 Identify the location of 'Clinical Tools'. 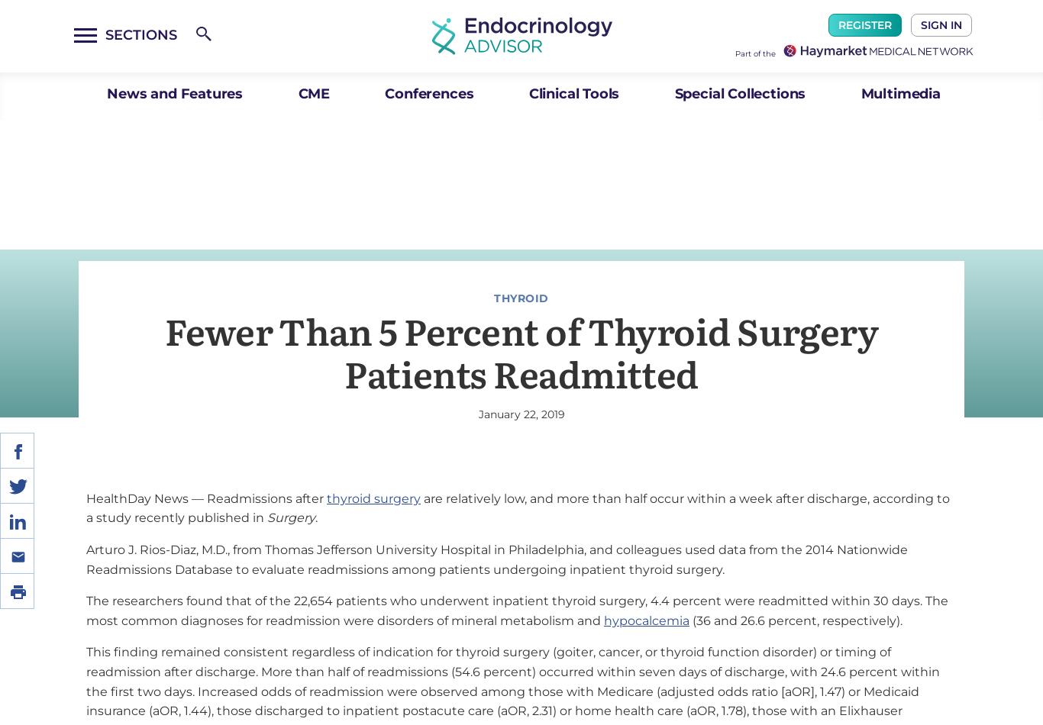
(528, 94).